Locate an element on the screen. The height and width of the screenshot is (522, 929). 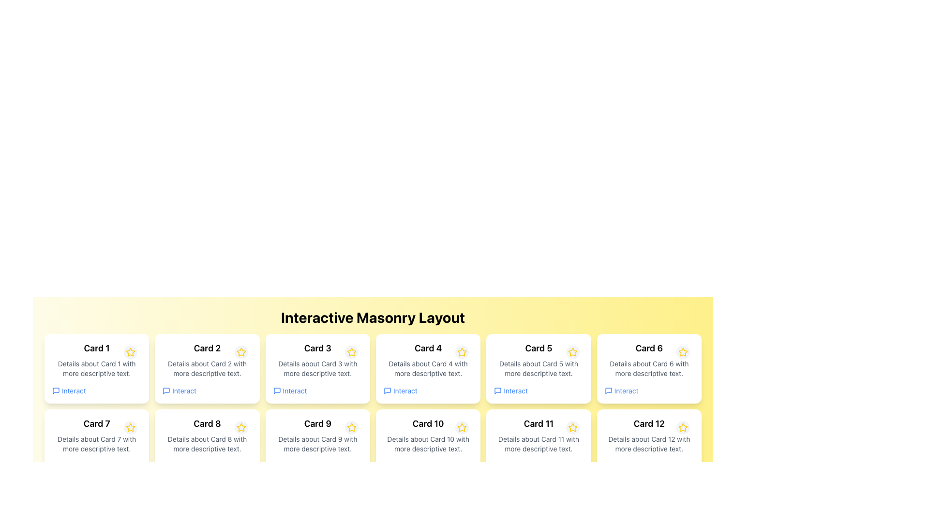
the card located in the second row and fifth column of the grid layout is located at coordinates (428, 444).